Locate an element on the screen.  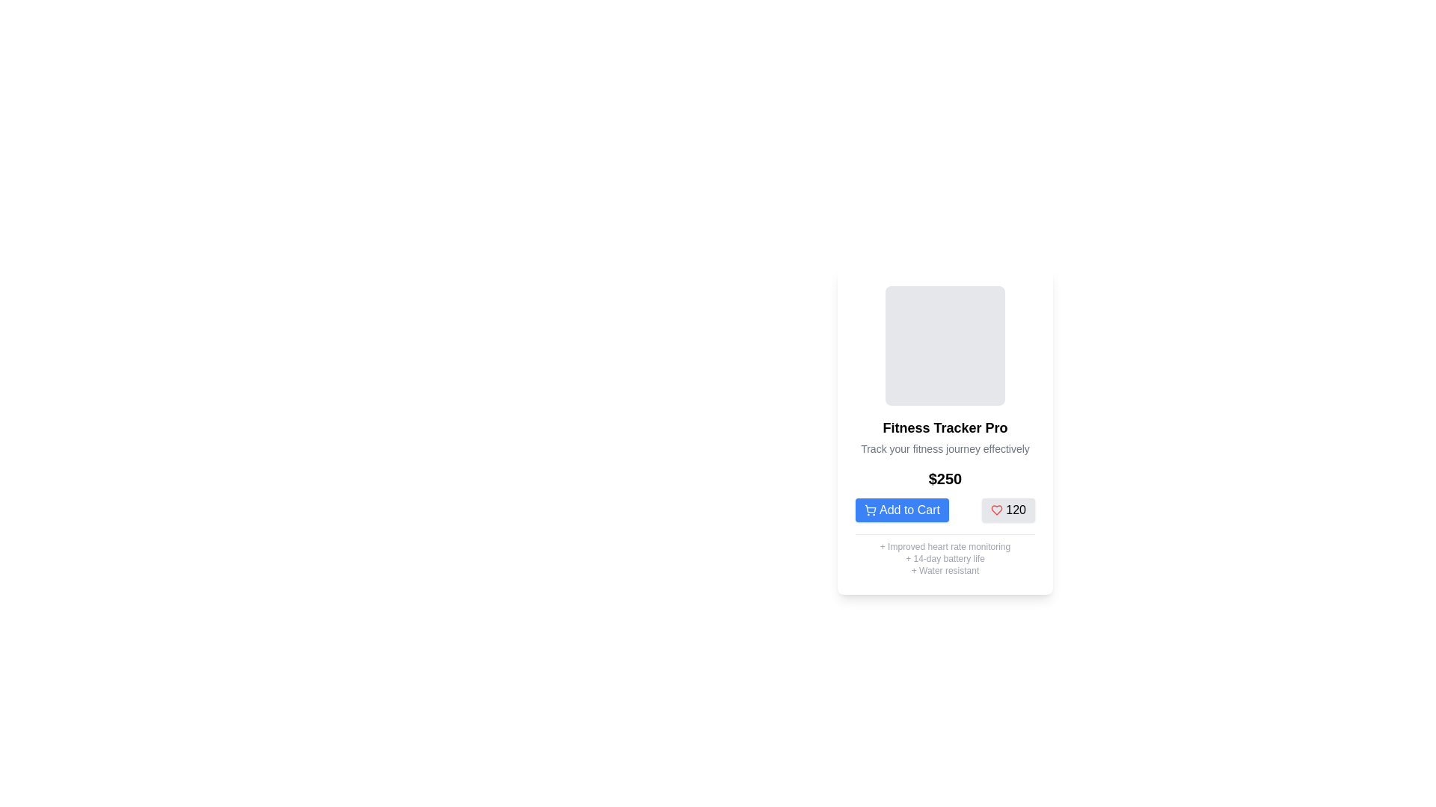
the heart icon located to the right of the blue 'Add to Cart' button to favorite the item is located at coordinates (997, 509).